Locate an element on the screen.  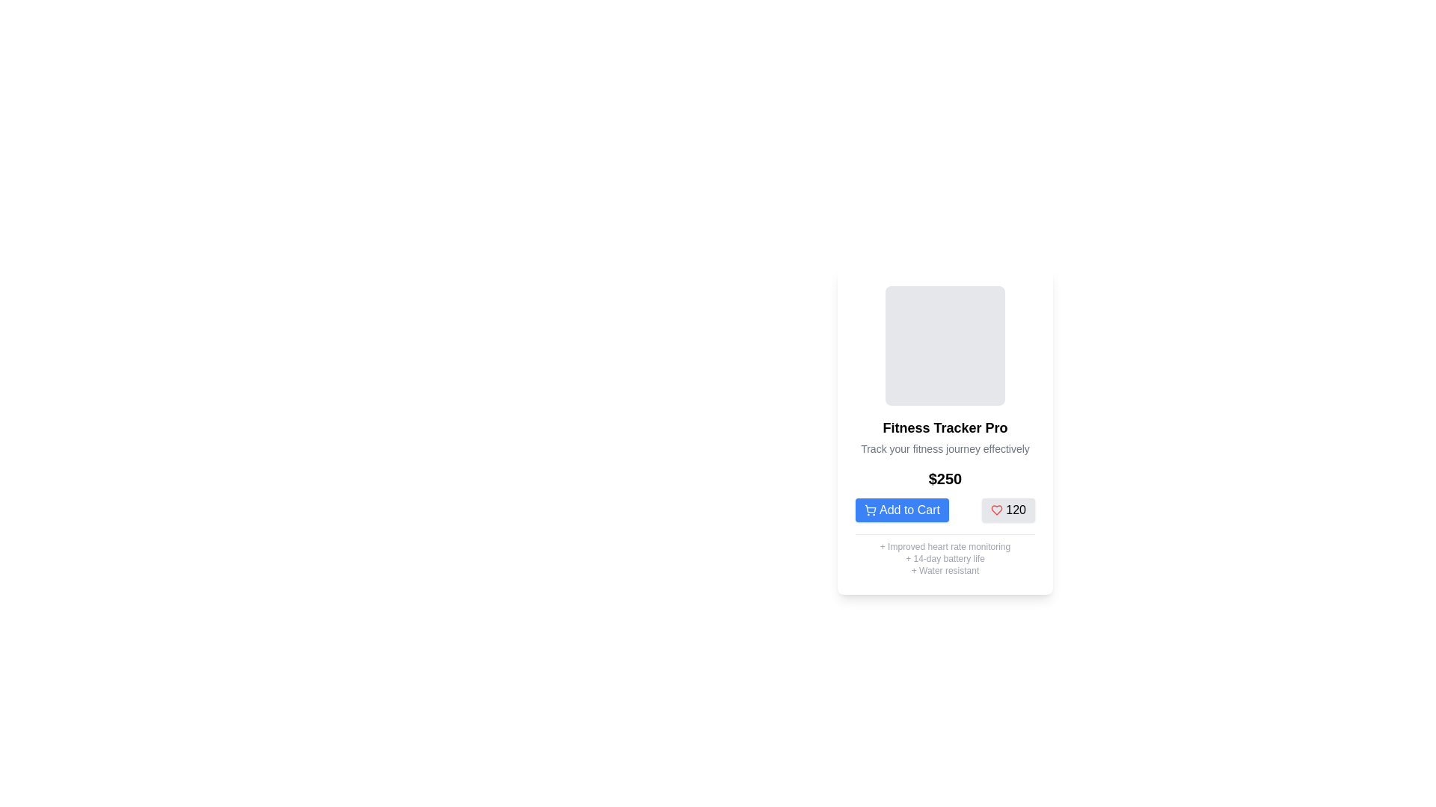
the heart icon located to the right of the blue 'Add to Cart' button to favorite the item is located at coordinates (997, 509).